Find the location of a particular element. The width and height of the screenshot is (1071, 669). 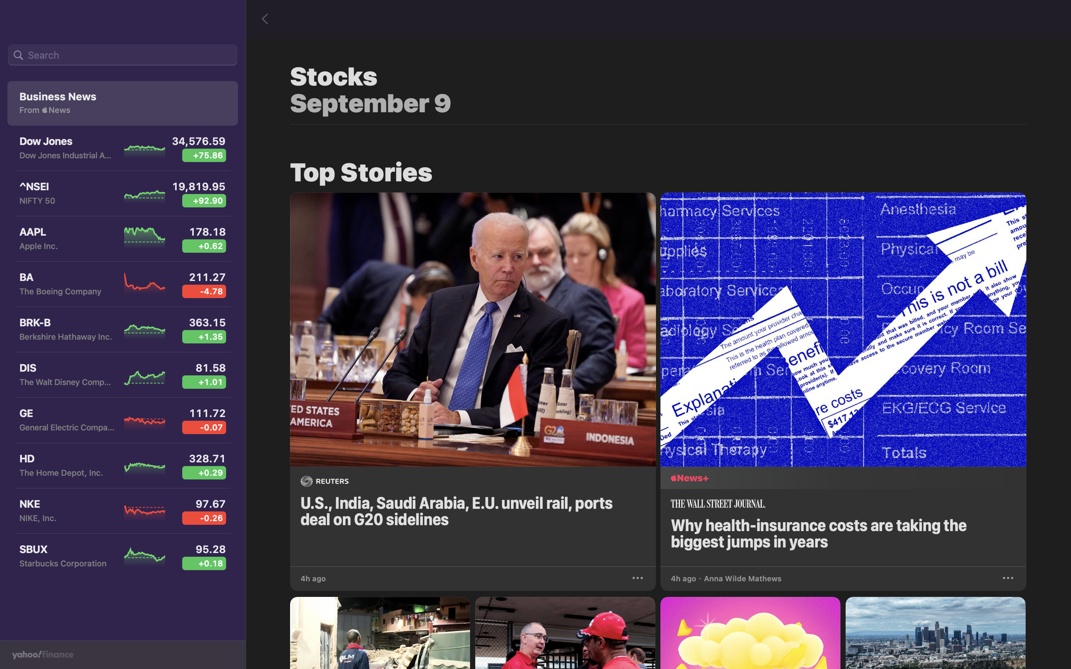

Look for the "Berkshire Hathway" stock by entering it into the search bar is located at coordinates (122, 55).